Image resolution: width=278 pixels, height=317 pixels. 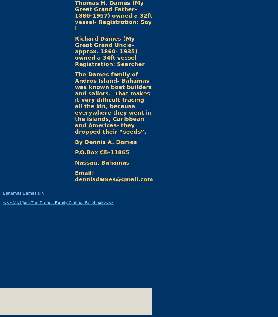 I want to click on 'dennisdames@gmail.com', so click(x=114, y=179).